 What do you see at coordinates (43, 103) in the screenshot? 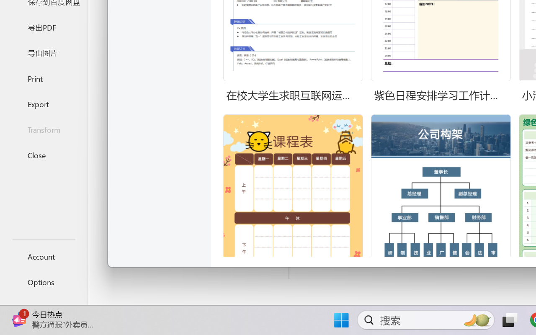
I see `'Export'` at bounding box center [43, 103].